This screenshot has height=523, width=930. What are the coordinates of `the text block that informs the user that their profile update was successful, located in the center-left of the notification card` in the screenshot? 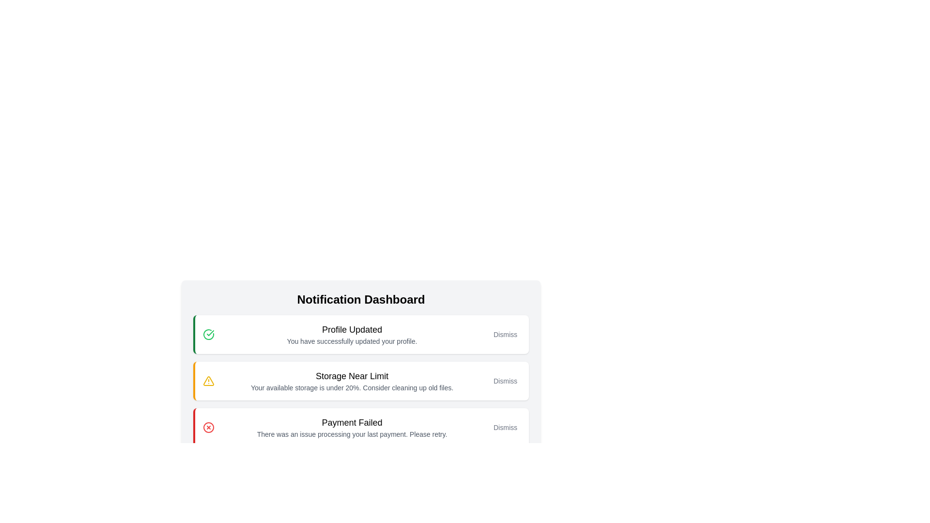 It's located at (351, 334).